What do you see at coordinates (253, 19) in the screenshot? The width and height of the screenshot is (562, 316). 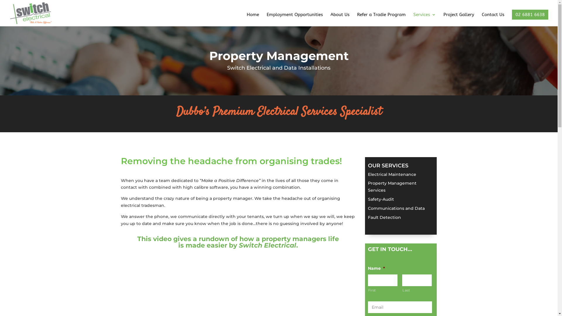 I see `'Home'` at bounding box center [253, 19].